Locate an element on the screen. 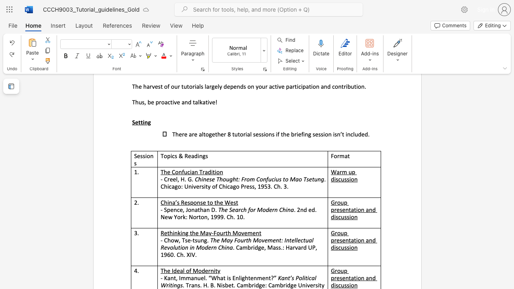  the subset text "ing" within the text "Kant’s Political Writings" is located at coordinates (171, 285).